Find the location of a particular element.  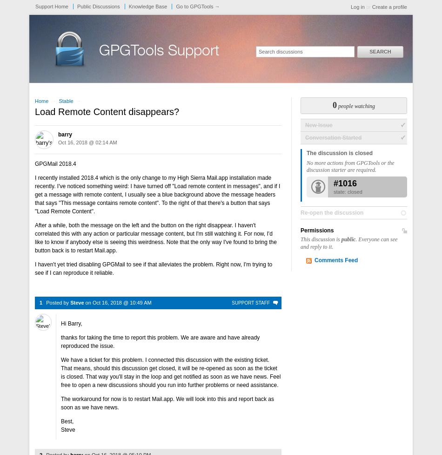

'The workaround for now is to restart Mail.app. We will look into this and report back as soon as we have news.' is located at coordinates (61, 402).